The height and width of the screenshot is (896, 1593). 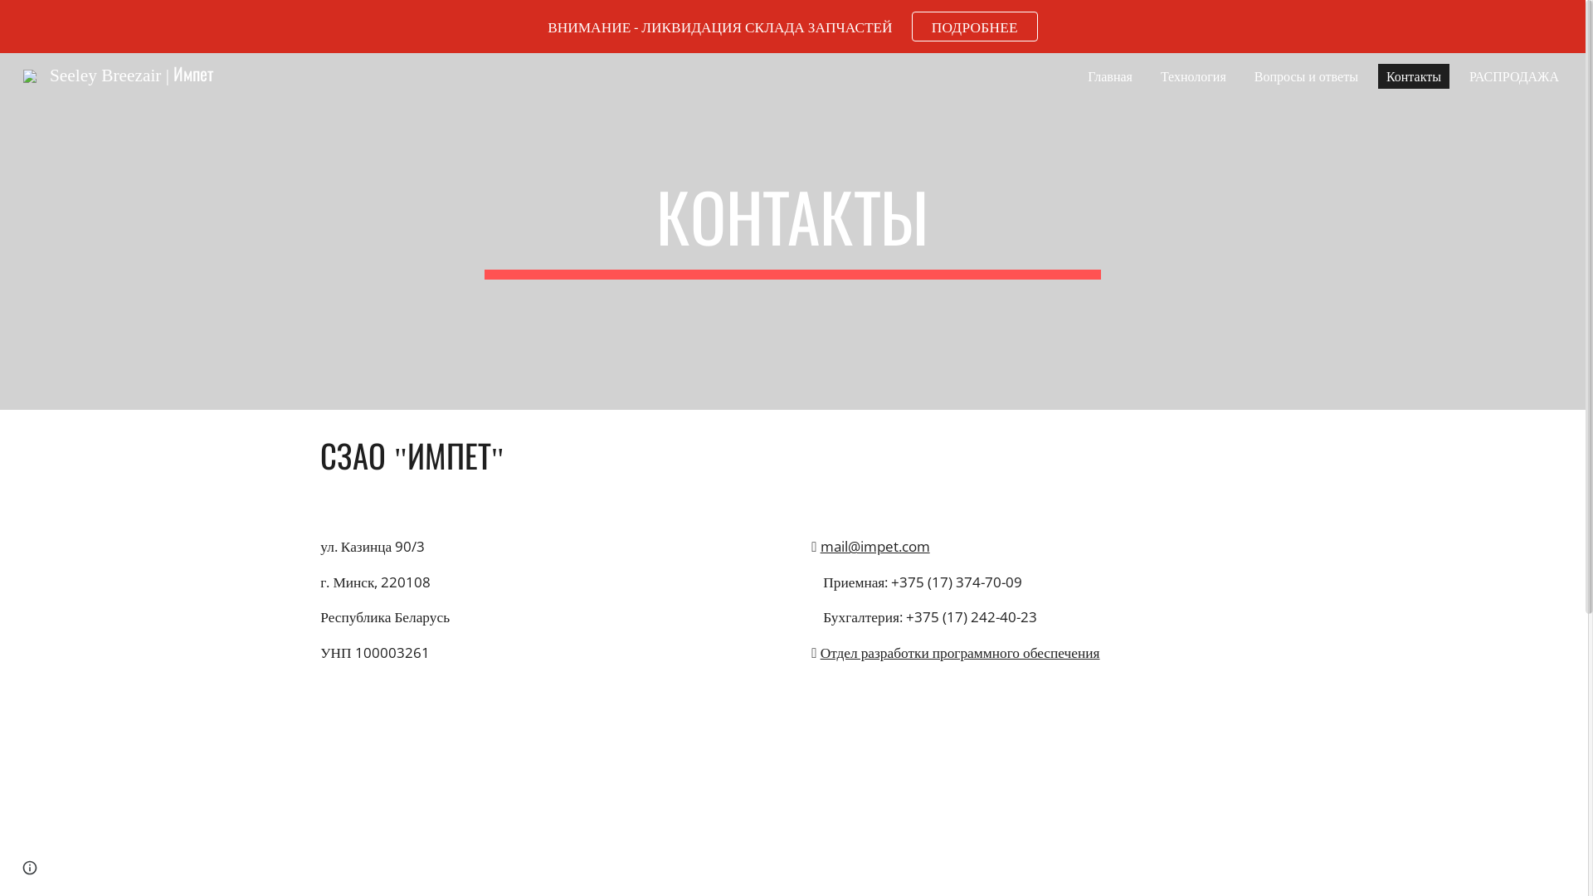 I want to click on 'mail@impet.com', so click(x=820, y=546).